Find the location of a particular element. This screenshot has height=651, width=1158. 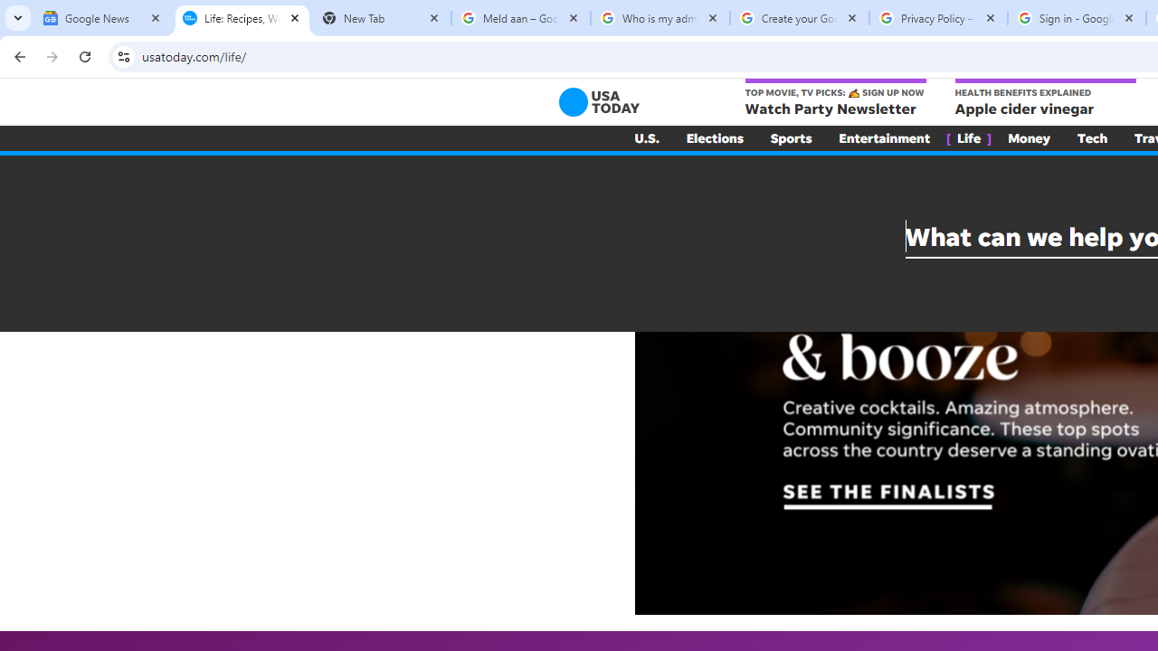

'U.S.' is located at coordinates (646, 137).